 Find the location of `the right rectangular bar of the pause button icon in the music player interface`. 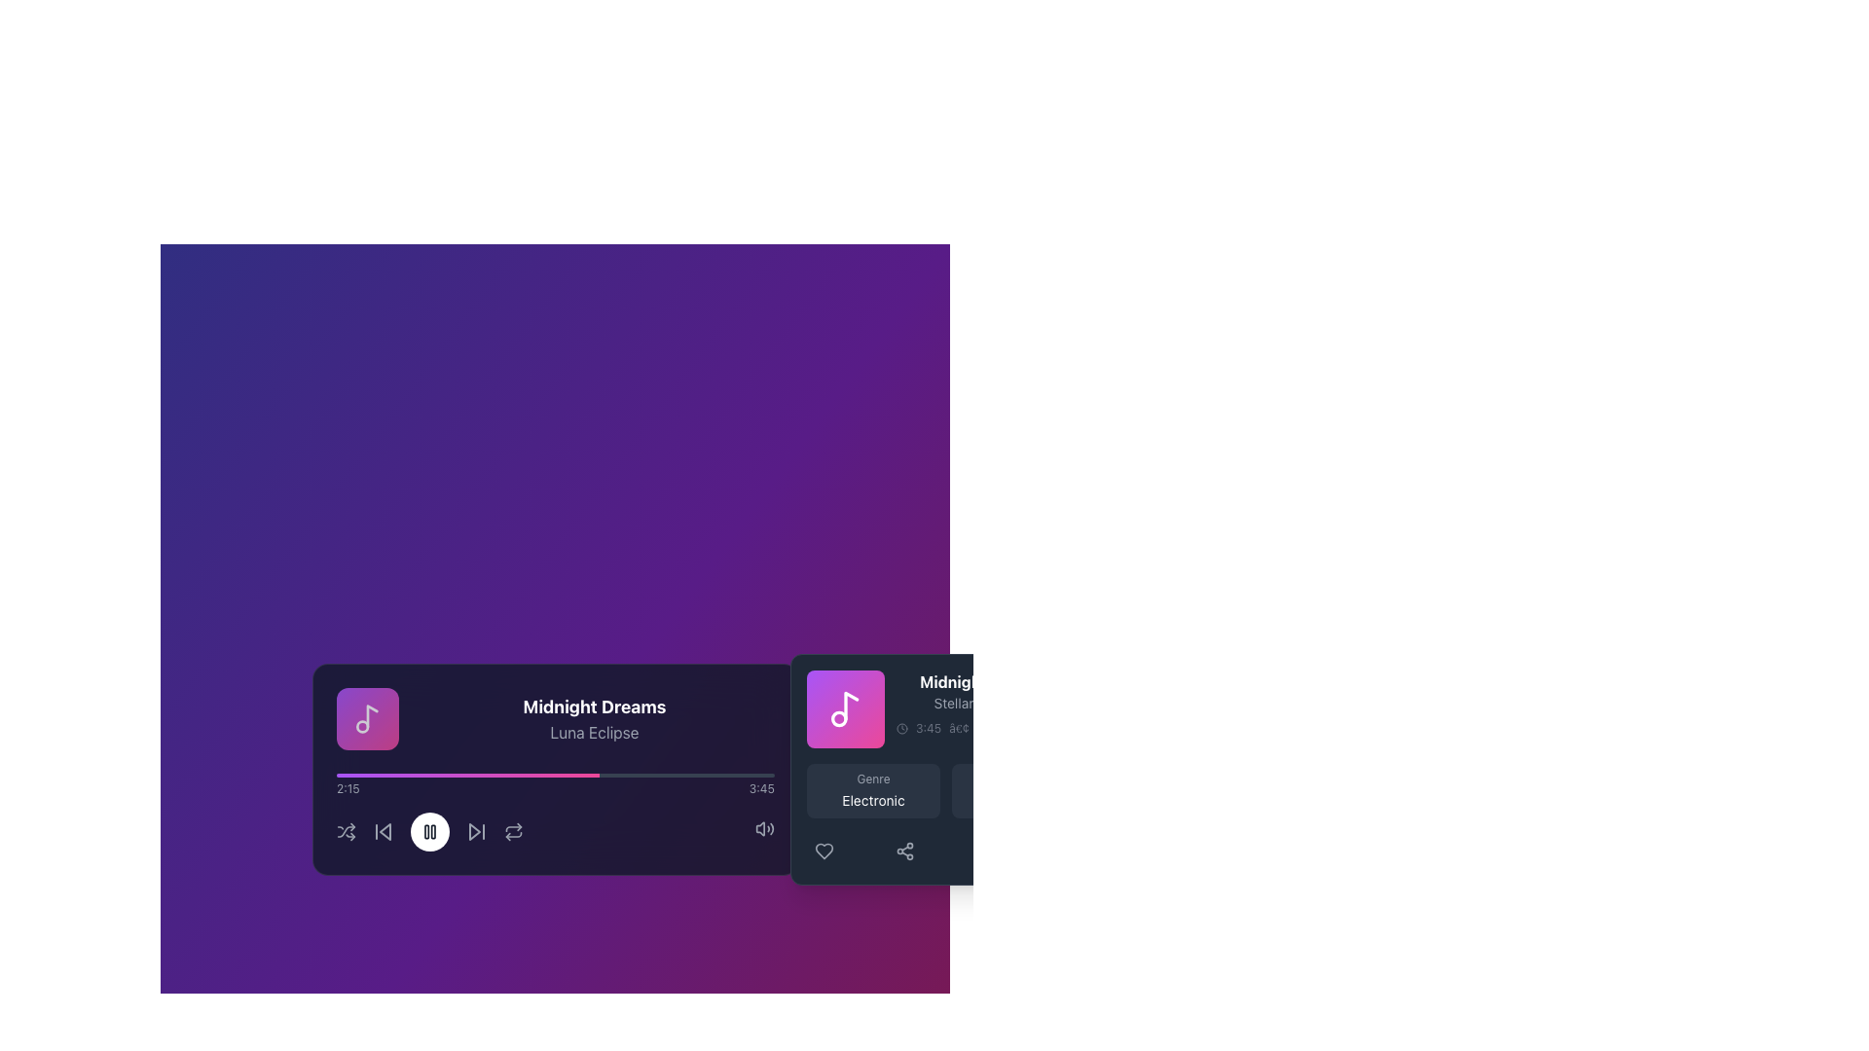

the right rectangular bar of the pause button icon in the music player interface is located at coordinates (431, 832).